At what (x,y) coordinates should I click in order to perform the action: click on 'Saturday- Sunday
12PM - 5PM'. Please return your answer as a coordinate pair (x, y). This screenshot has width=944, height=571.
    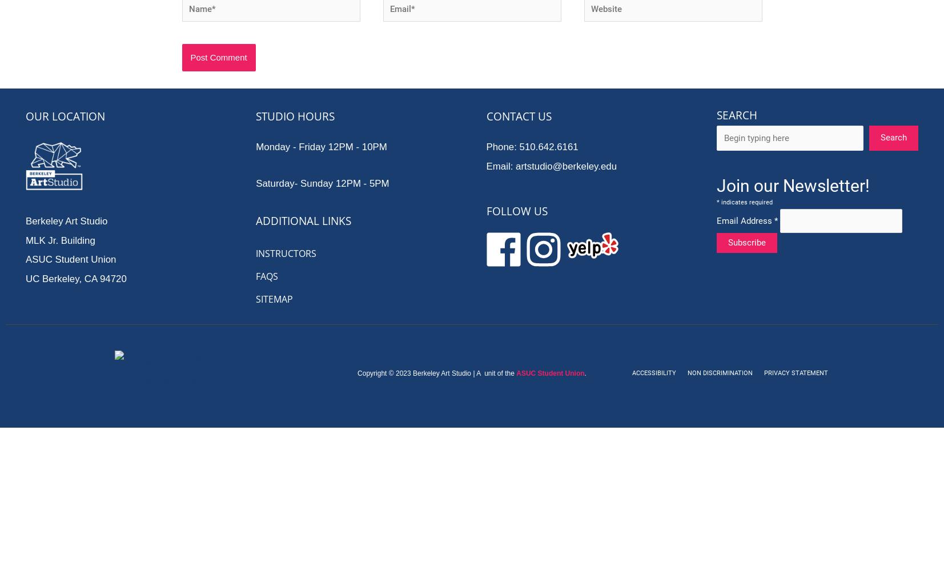
    Looking at the image, I should click on (322, 182).